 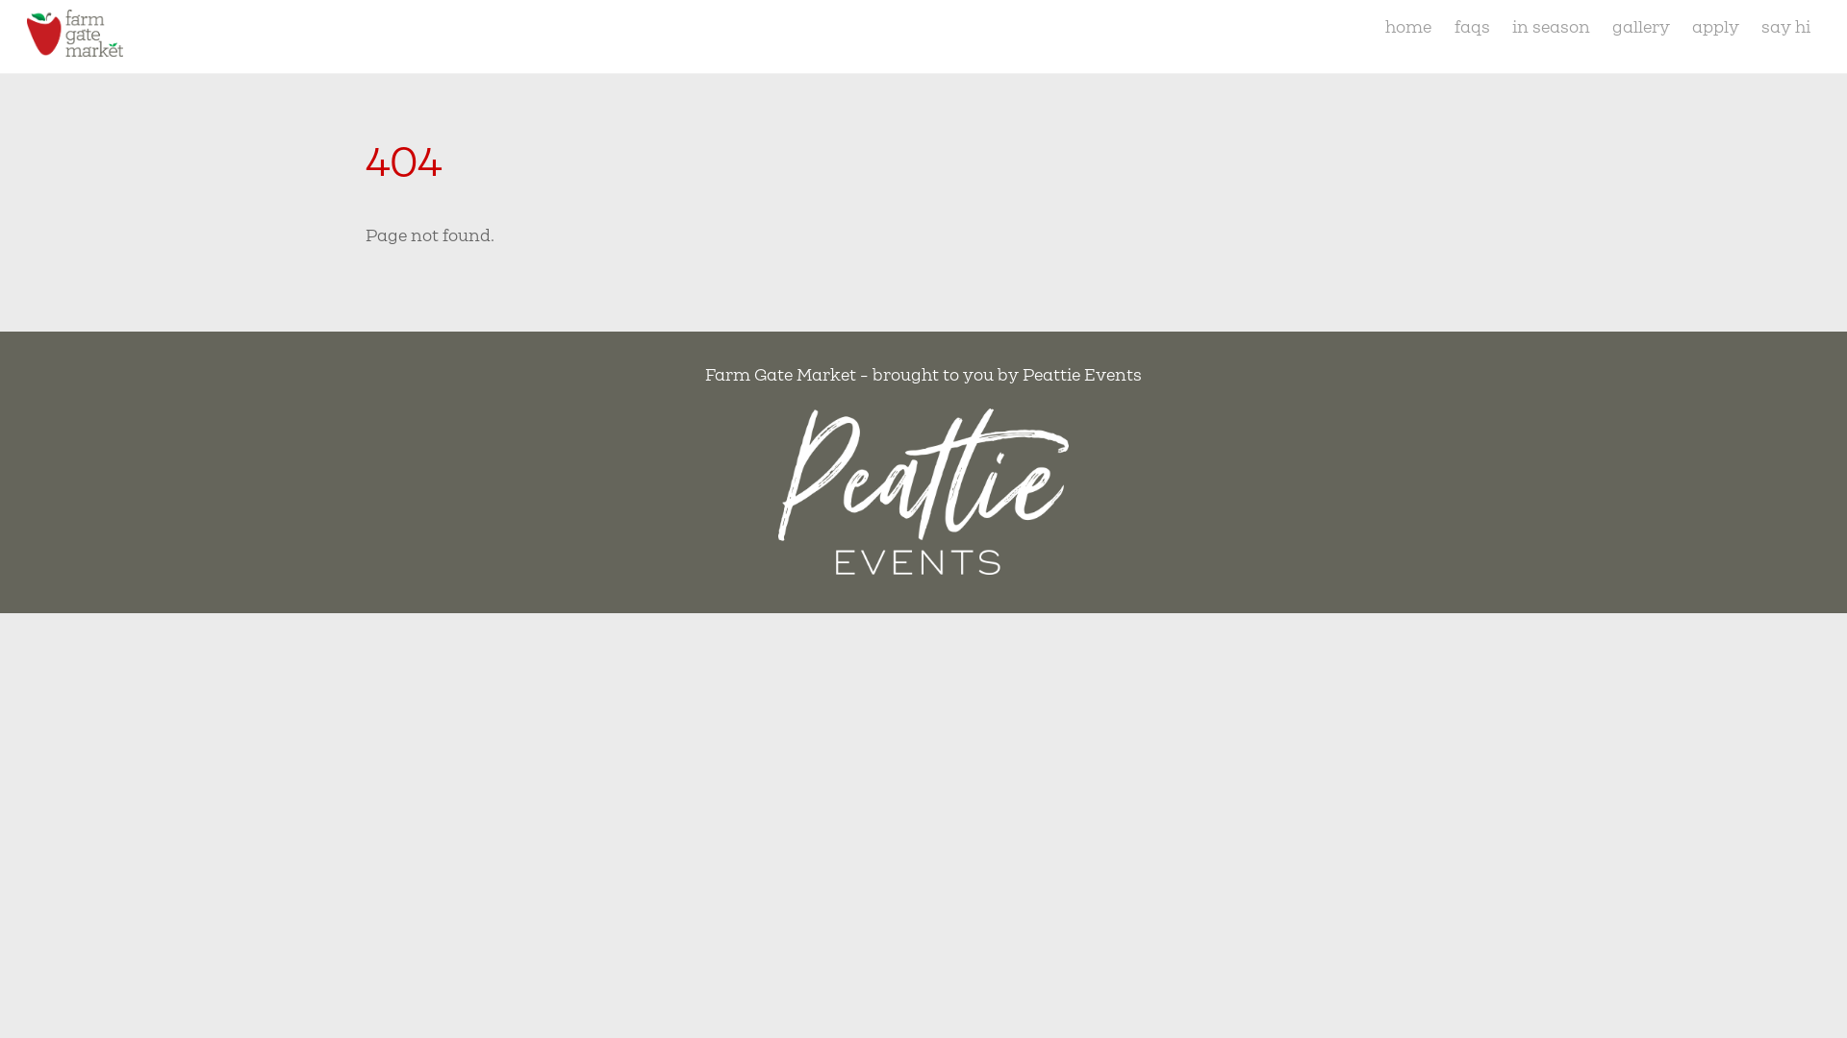 What do you see at coordinates (74, 33) in the screenshot?
I see `'tas-farmgate-market-logo'` at bounding box center [74, 33].